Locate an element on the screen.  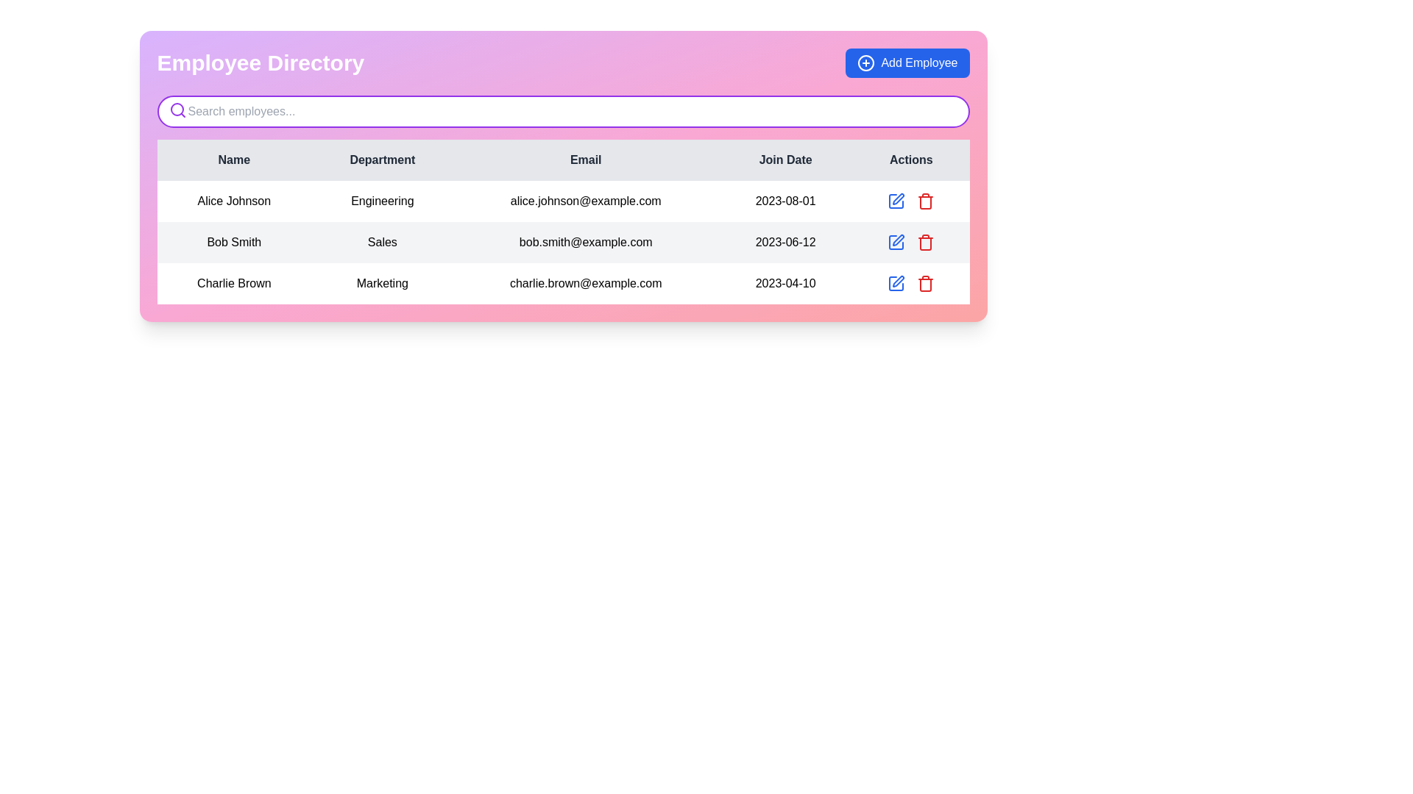
the edit button located in the 'Actions' column of the third row in the table, to the right of 'Charlie Brown's' email is located at coordinates (898, 281).